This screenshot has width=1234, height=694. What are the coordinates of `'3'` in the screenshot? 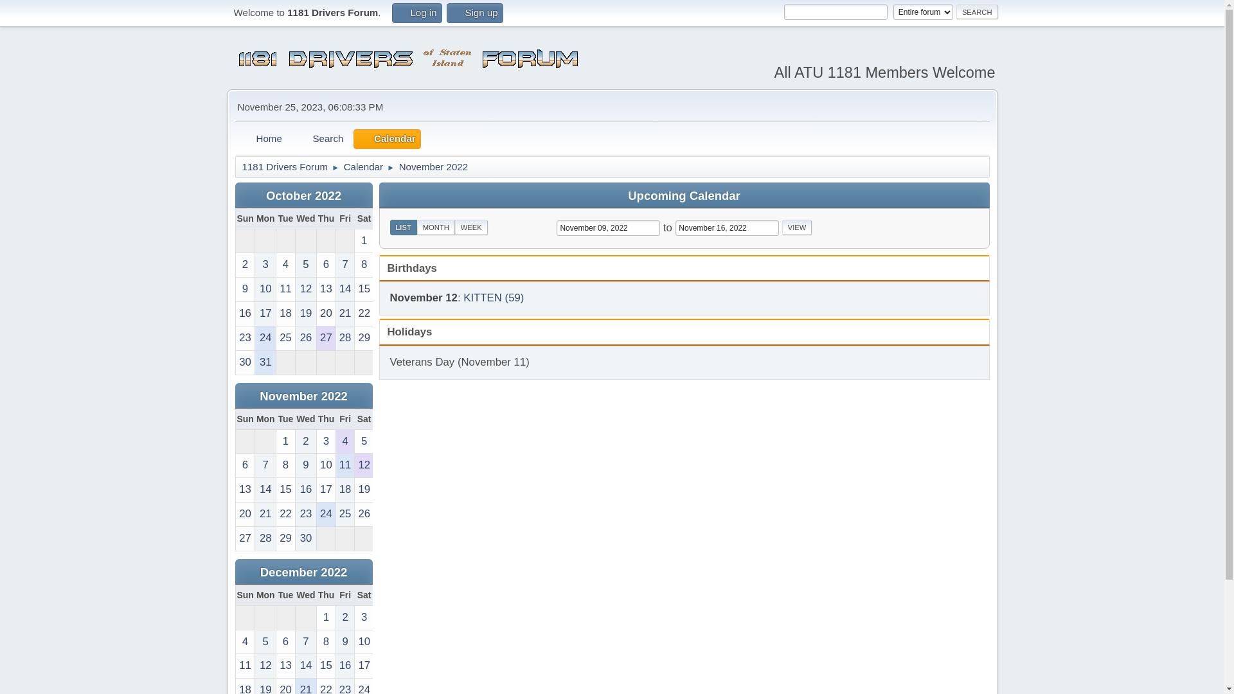 It's located at (255, 264).